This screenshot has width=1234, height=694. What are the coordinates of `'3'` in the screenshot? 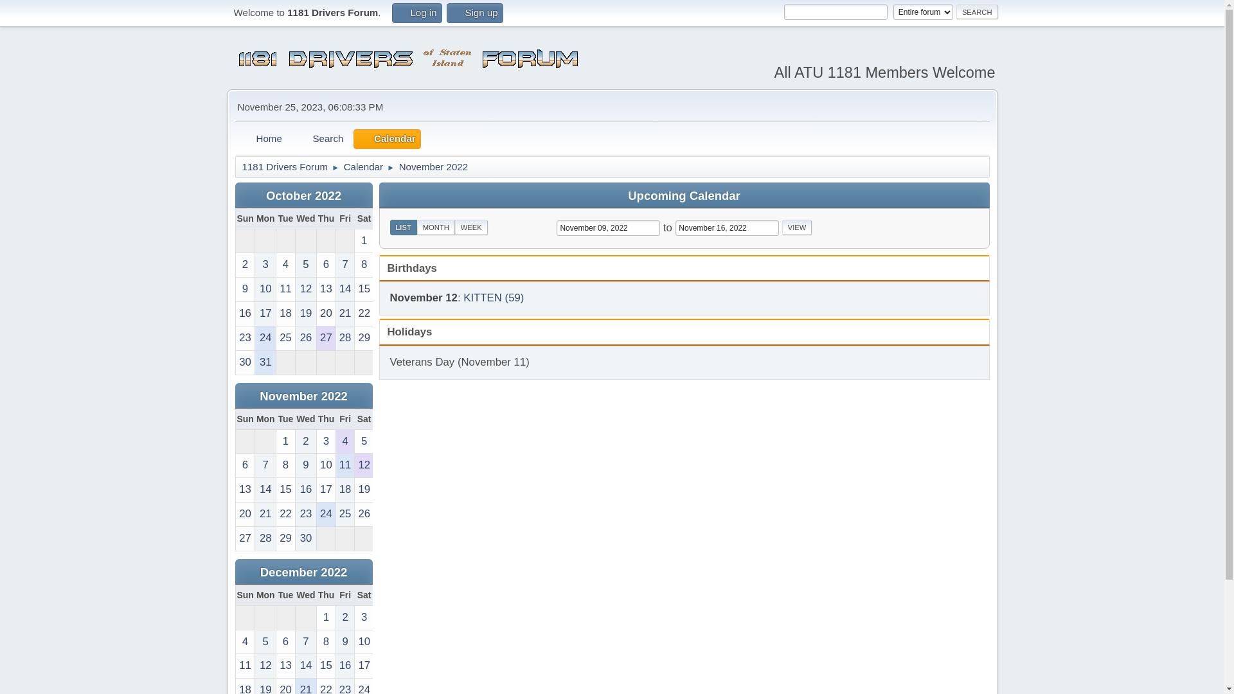 It's located at (255, 264).